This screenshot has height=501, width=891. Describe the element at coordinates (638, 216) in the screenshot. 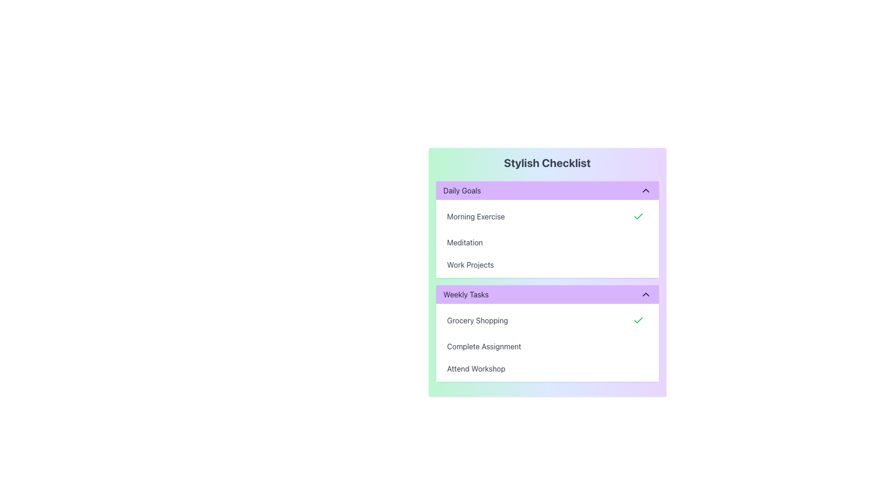

I see `the green check mark icon in the 'Weekly Tasks' section, which indicates the status of the 'Grocery Shopping' task` at that location.